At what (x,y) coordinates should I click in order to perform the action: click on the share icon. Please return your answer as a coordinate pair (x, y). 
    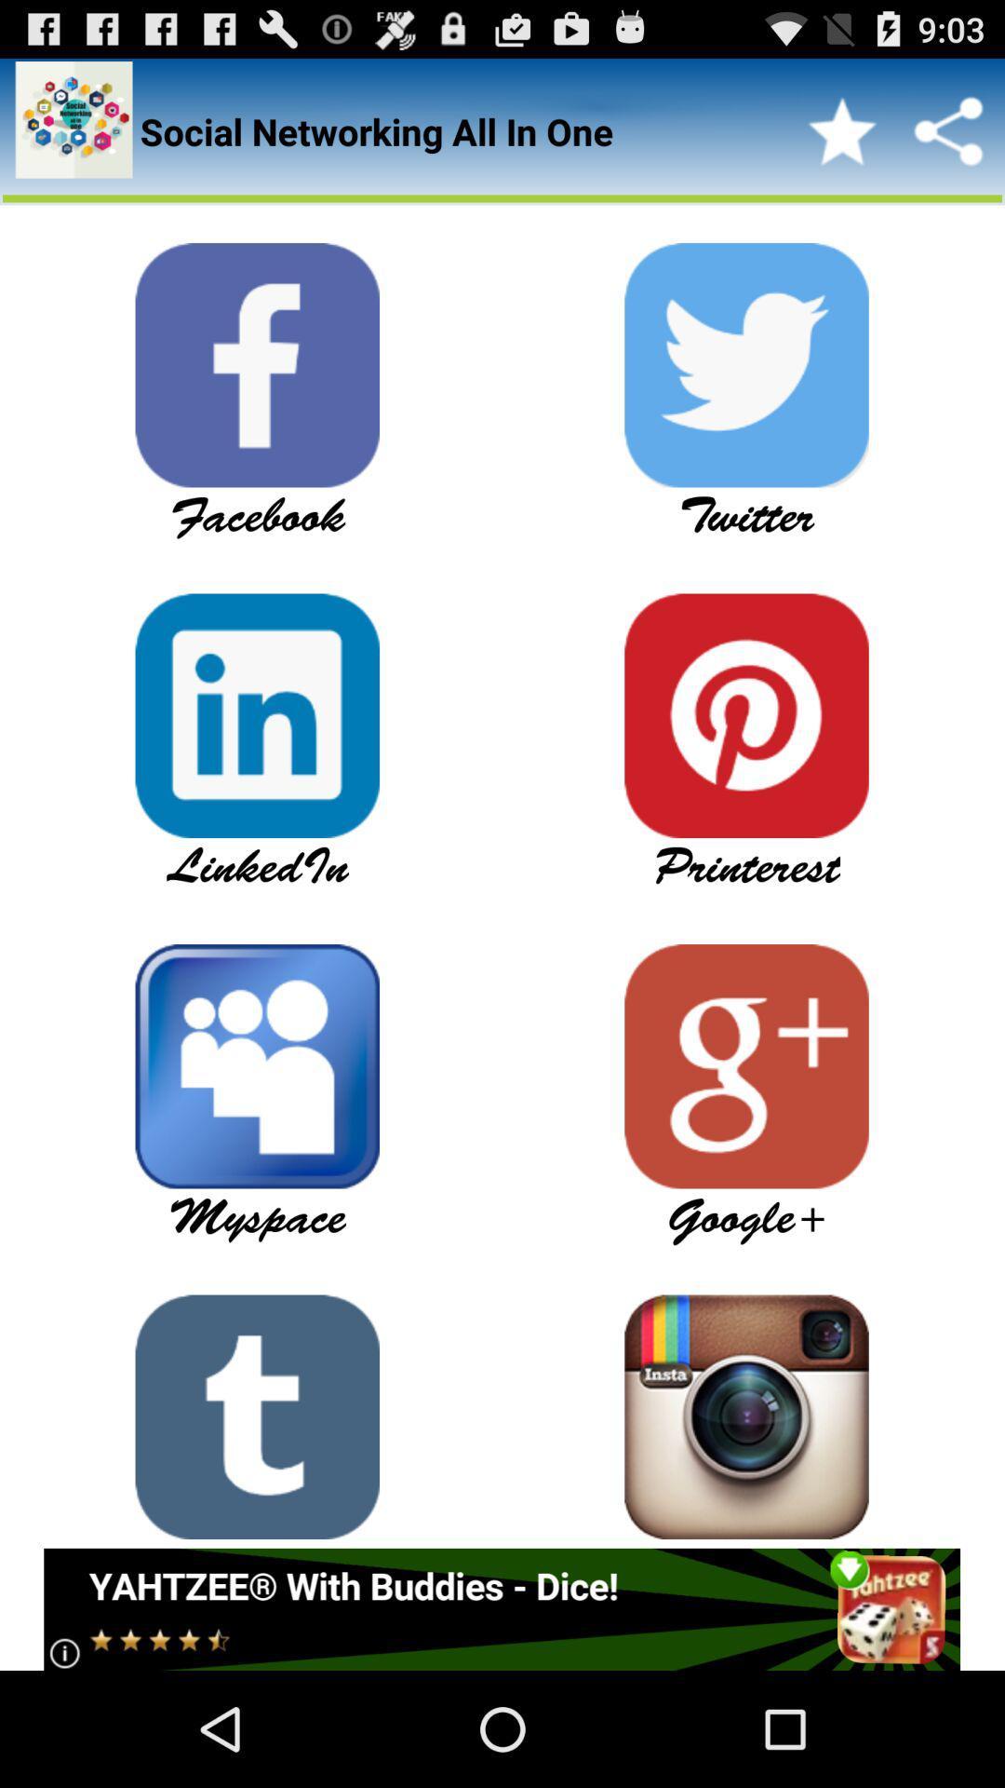
    Looking at the image, I should click on (948, 140).